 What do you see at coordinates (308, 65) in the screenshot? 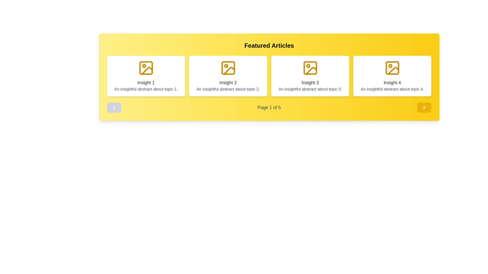
I see `the small golden circle decoration within the 'Insight 3' icon, which is the third icon in a sequence of four` at bounding box center [308, 65].